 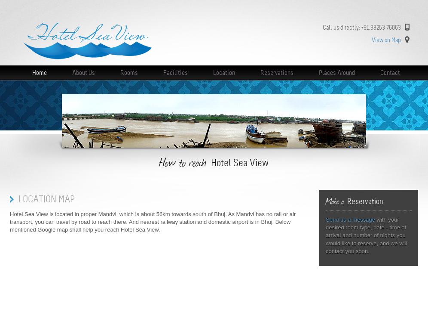 I want to click on 'Hotel Sea View', so click(x=211, y=163).